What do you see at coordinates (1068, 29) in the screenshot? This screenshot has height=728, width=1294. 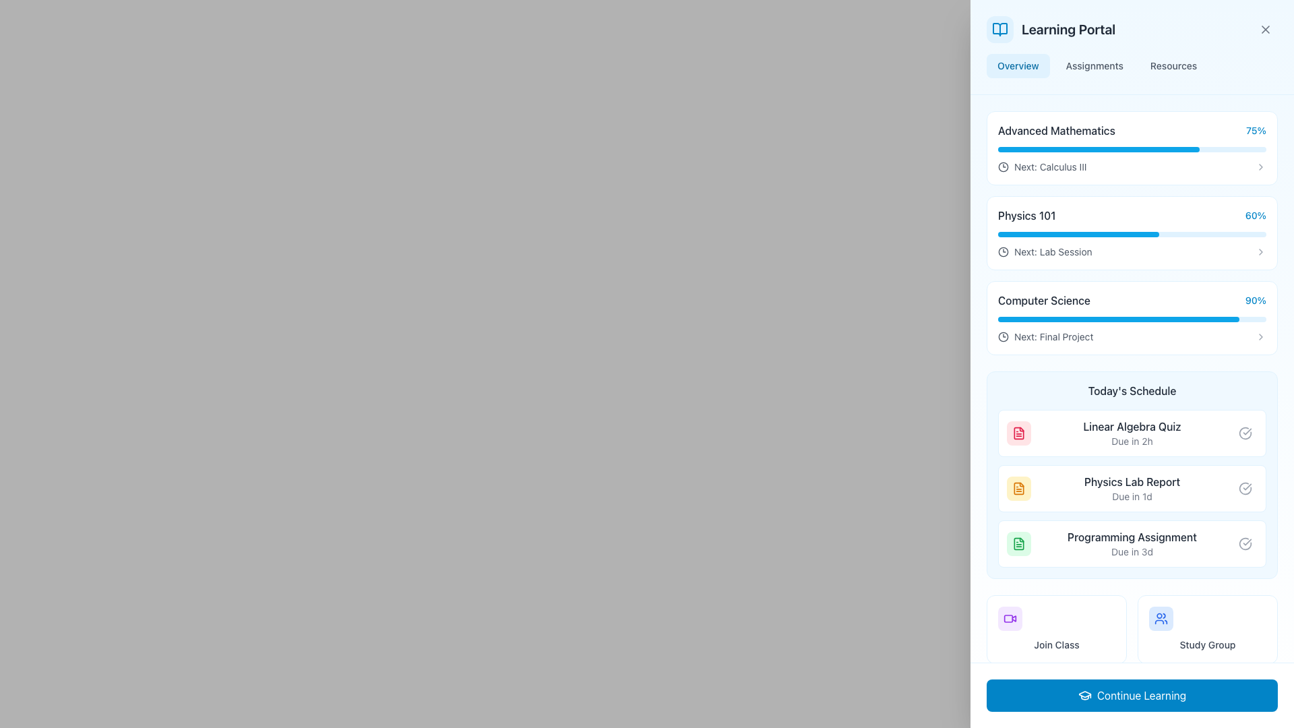 I see `the Text Label located at the top of the interface, which helps users identify the page or feature they are interacting with` at bounding box center [1068, 29].